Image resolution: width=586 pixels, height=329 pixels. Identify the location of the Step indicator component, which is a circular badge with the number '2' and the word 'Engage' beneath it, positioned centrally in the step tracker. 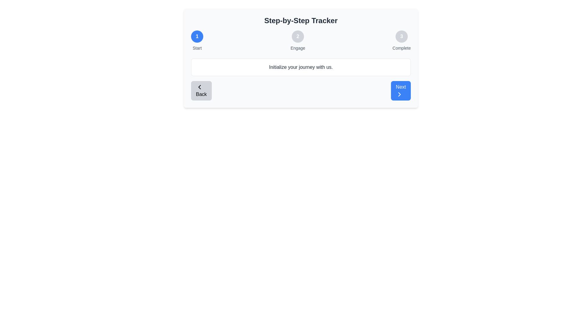
(298, 41).